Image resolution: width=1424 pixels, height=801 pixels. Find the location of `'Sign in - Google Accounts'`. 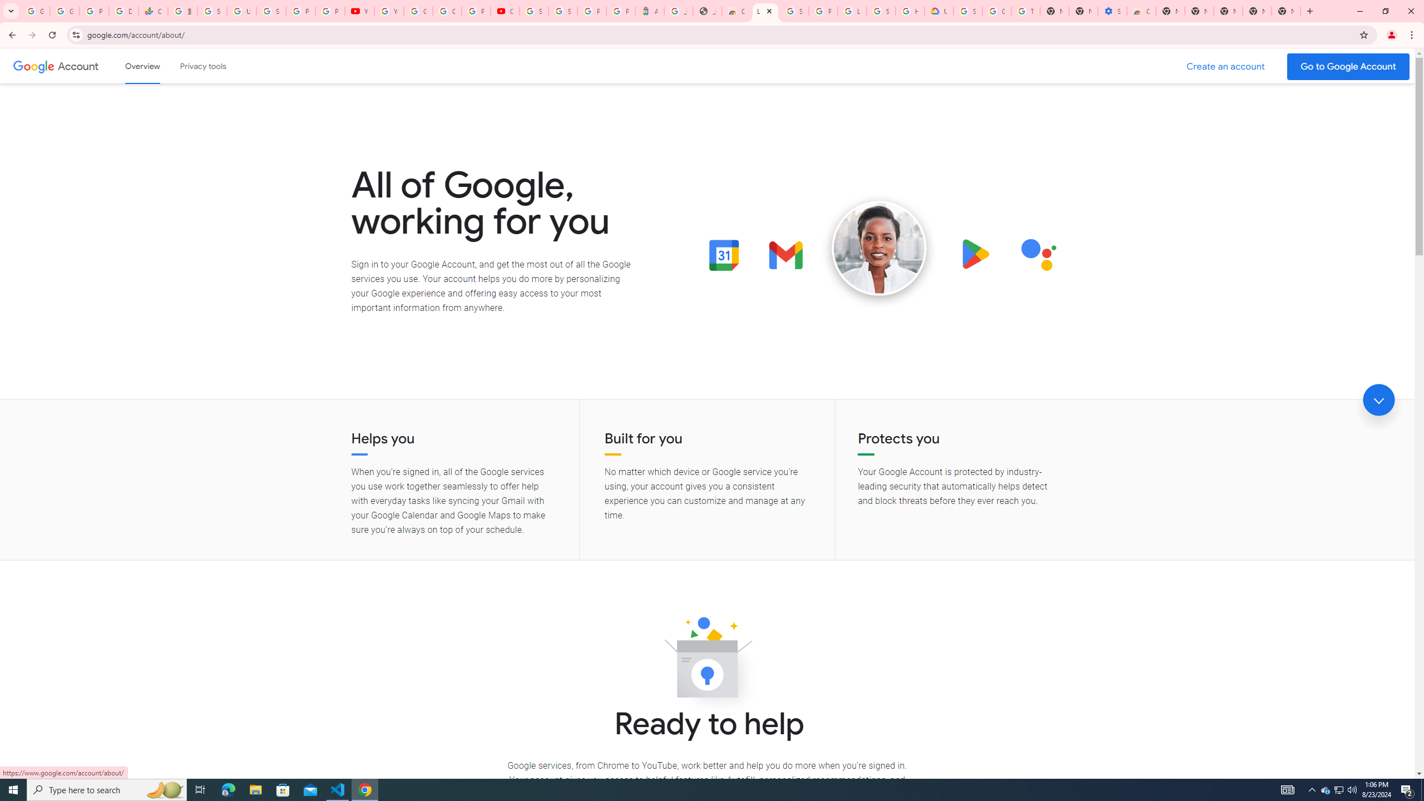

'Sign in - Google Accounts' is located at coordinates (533, 11).